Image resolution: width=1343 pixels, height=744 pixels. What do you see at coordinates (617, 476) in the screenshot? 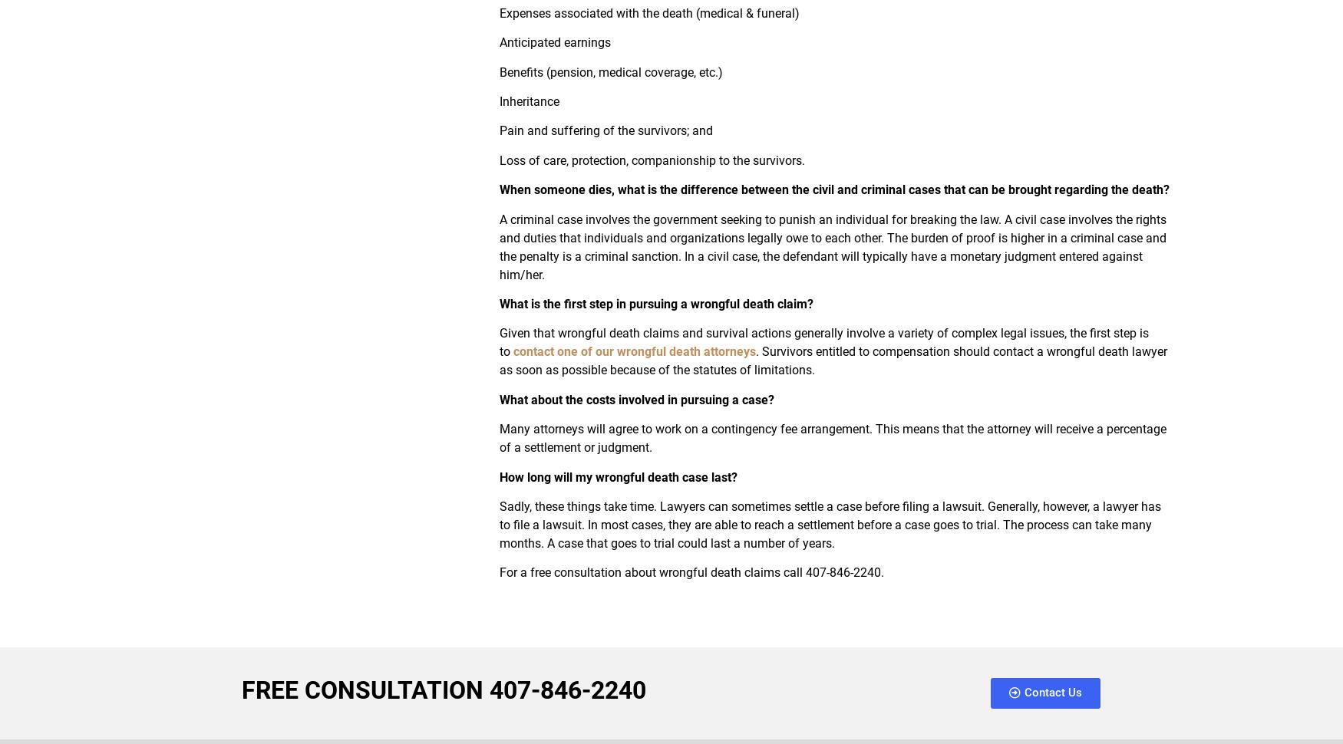
I see `'How long will my wrongful death case last?'` at bounding box center [617, 476].